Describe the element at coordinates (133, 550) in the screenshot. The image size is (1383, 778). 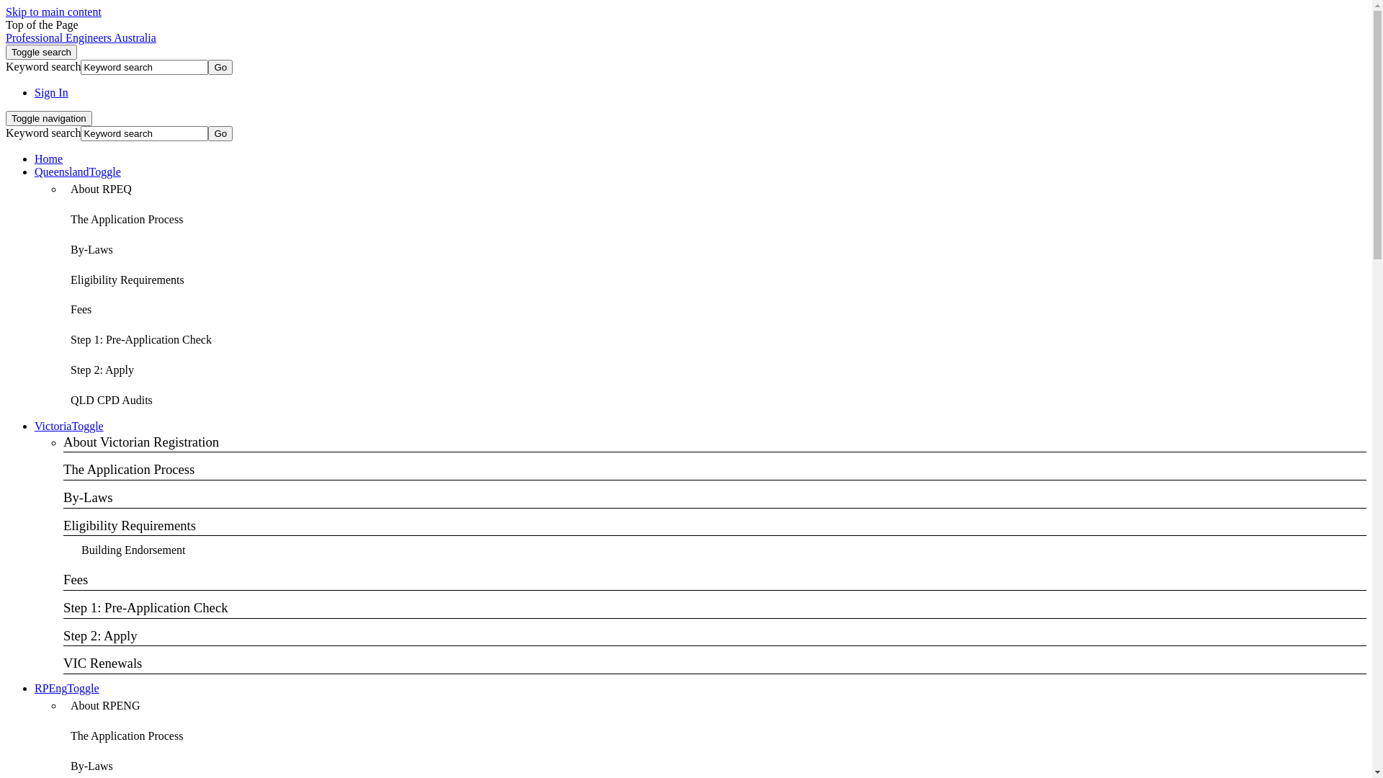
I see `'Building Endorsement'` at that location.